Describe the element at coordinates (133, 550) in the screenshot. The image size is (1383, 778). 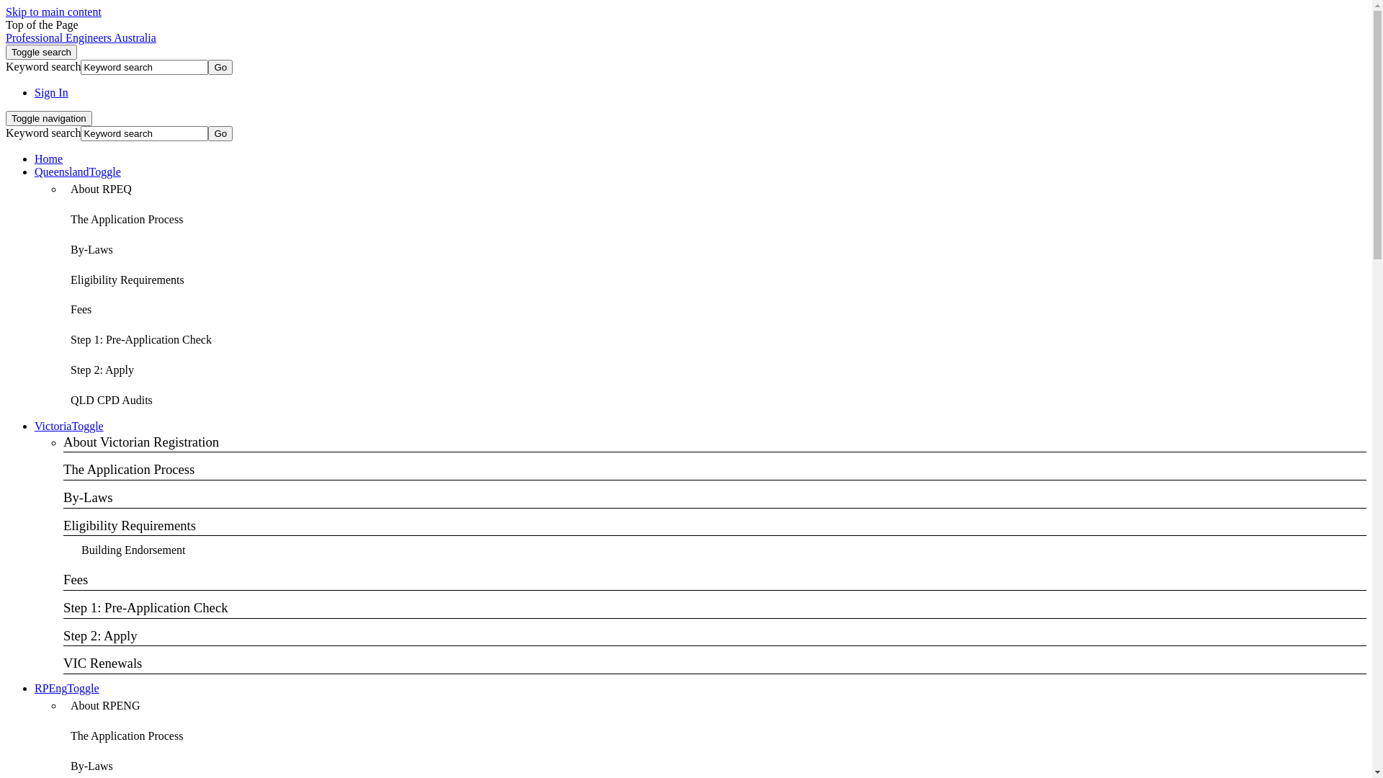
I see `'Building Endorsement'` at that location.